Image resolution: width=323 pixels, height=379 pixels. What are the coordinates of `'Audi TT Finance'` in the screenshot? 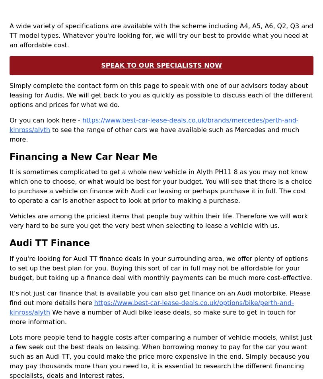 It's located at (49, 243).